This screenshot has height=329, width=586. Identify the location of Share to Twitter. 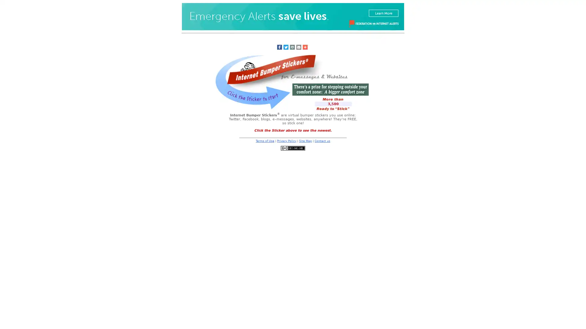
(285, 47).